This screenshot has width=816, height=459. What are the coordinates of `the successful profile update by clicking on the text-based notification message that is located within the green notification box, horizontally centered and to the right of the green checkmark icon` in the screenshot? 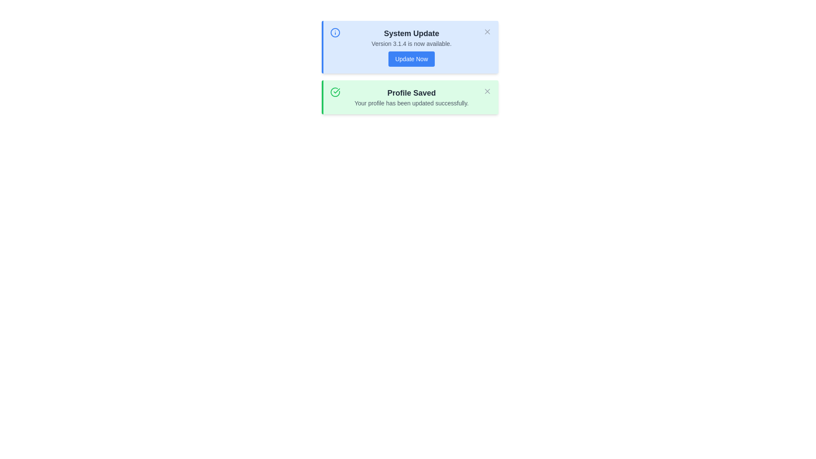 It's located at (411, 96).